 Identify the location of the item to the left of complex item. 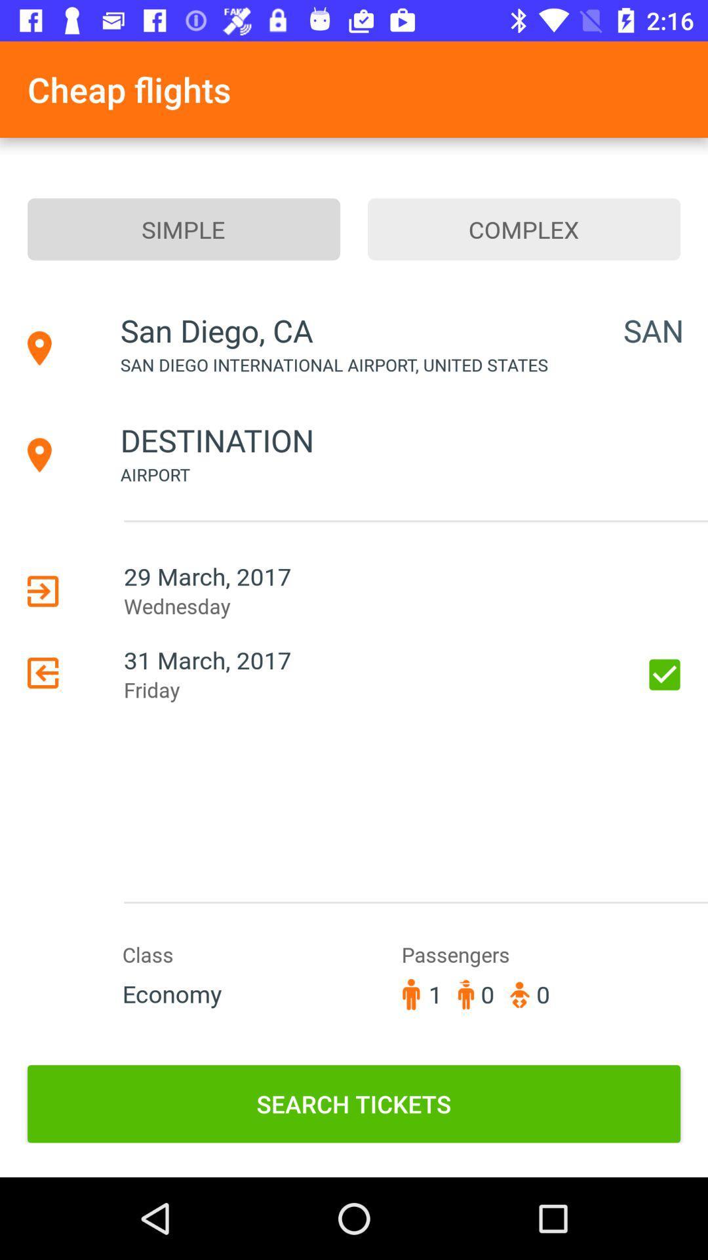
(184, 229).